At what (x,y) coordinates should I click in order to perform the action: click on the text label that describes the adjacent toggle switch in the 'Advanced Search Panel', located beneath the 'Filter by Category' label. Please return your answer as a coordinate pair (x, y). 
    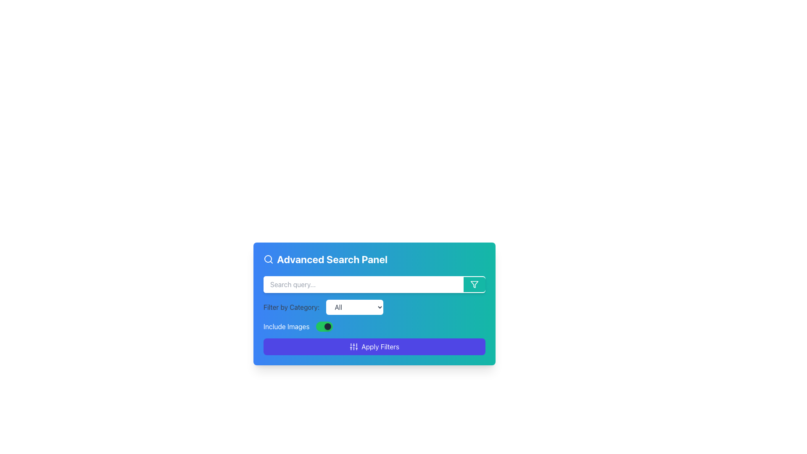
    Looking at the image, I should click on (286, 326).